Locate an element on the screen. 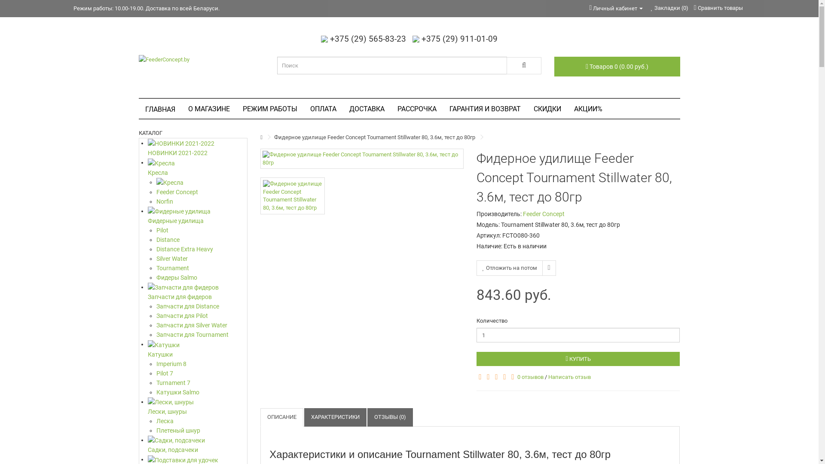 This screenshot has height=464, width=825. 'Imperium 8' is located at coordinates (202, 364).